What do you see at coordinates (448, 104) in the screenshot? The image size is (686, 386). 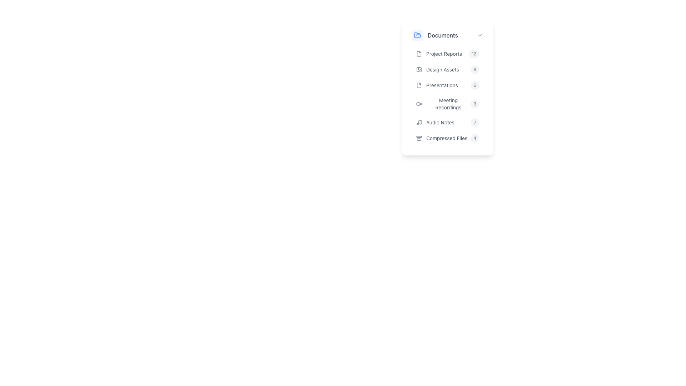 I see `the text label in the fourth row of the 'Documents' section, located between a video icon and a badge displaying the number '3', to change its color` at bounding box center [448, 104].